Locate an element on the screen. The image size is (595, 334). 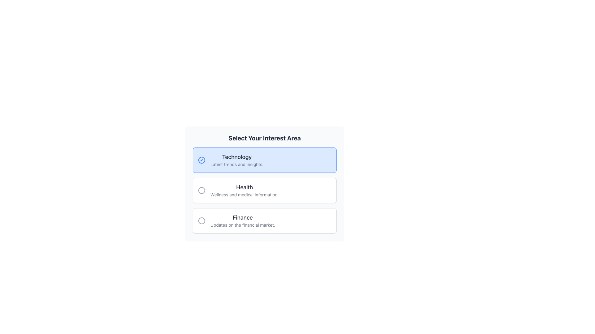
the SVG Circle Element that signifies the selection state for the 'Technology' option in the 'Select Your Interest Area' interface is located at coordinates (202, 160).